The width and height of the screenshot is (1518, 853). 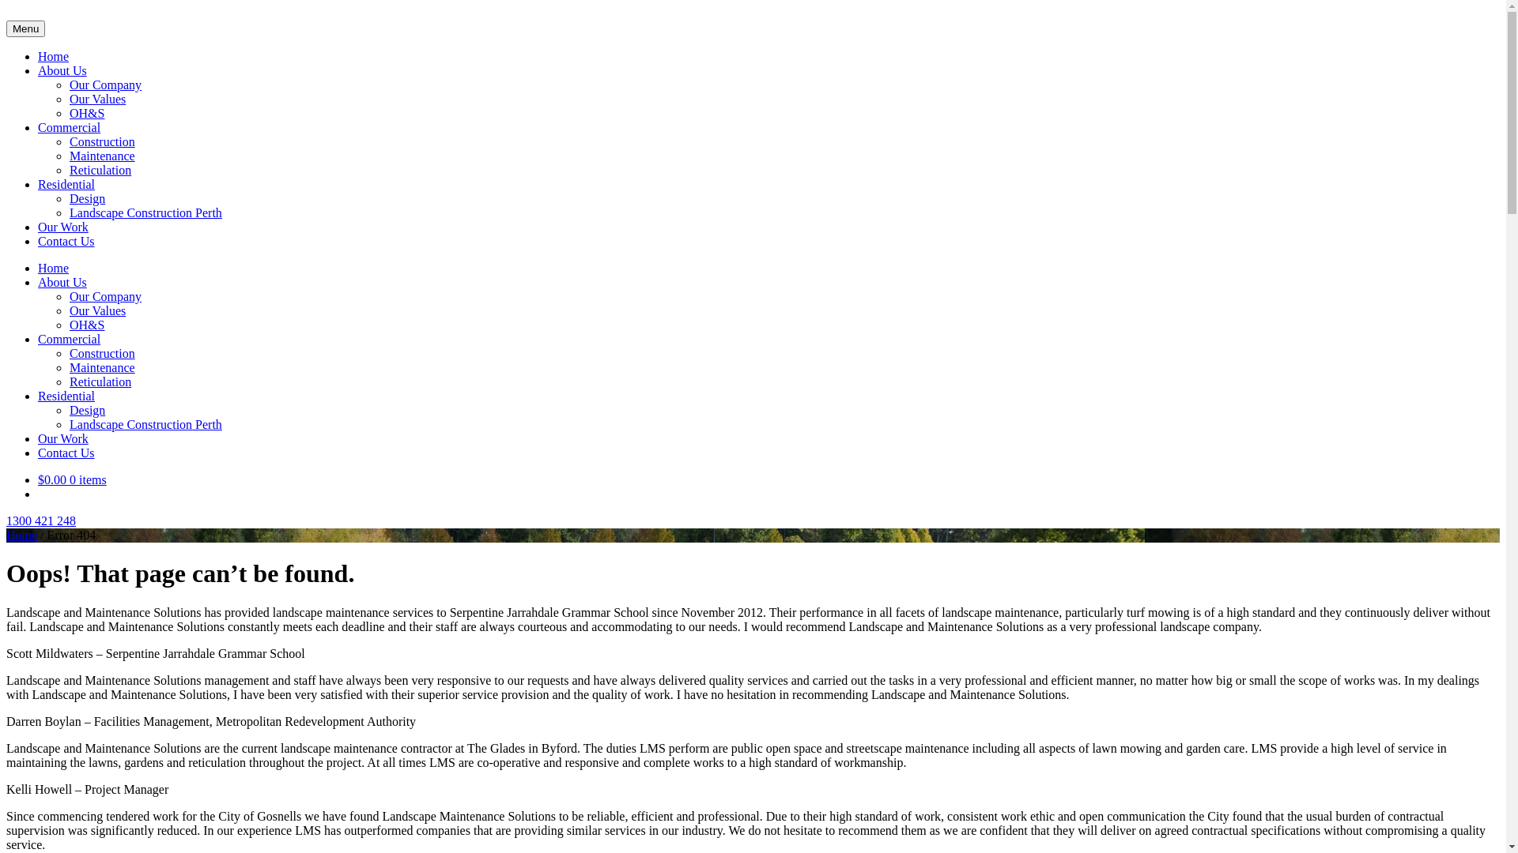 I want to click on 'Menu', so click(x=25, y=28).